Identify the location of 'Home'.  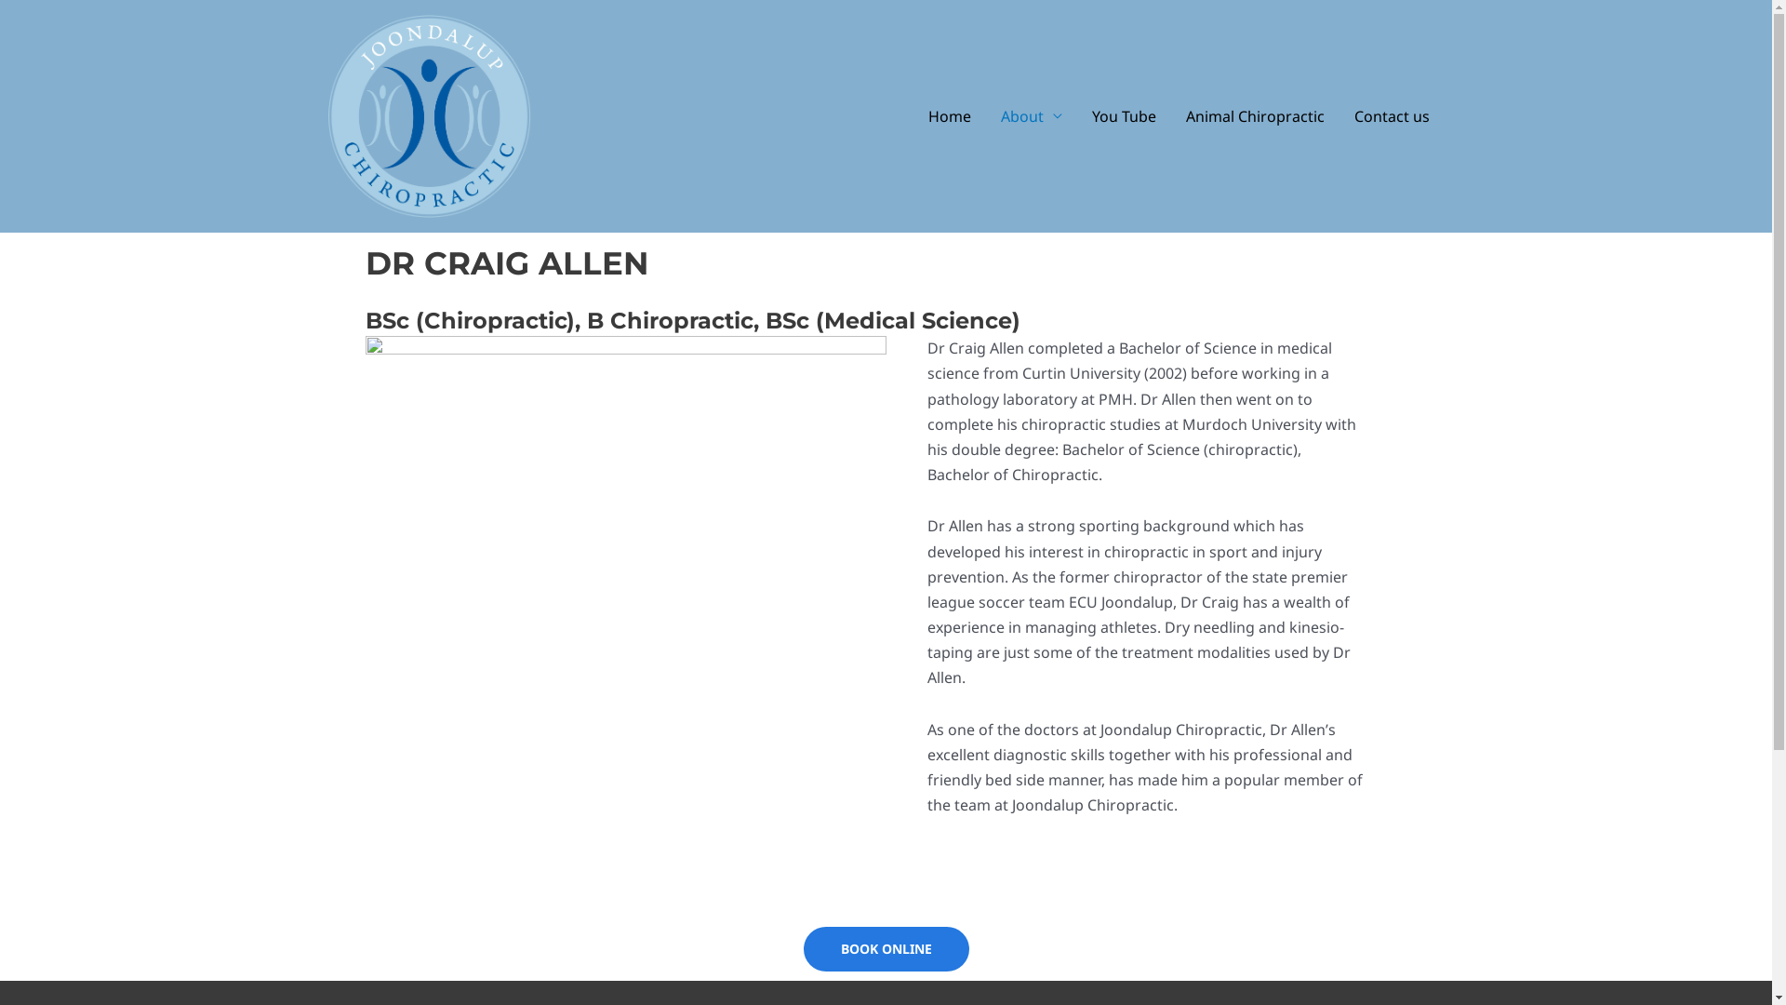
(950, 115).